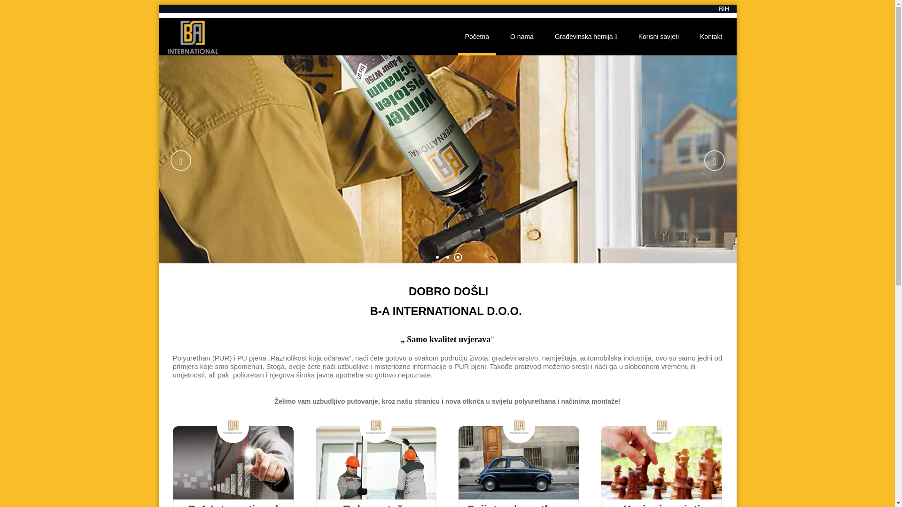 This screenshot has width=902, height=507. I want to click on '1', so click(437, 257).